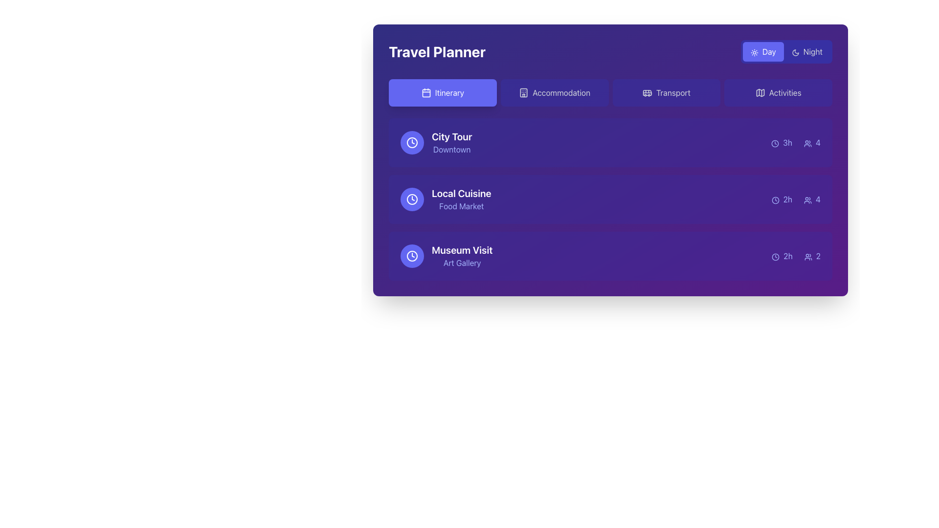 The image size is (939, 528). What do you see at coordinates (412, 199) in the screenshot?
I see `the circular component of the clock icon located next to the 'Local Cuisine' entry in the 'Travel Planner' application interface` at bounding box center [412, 199].